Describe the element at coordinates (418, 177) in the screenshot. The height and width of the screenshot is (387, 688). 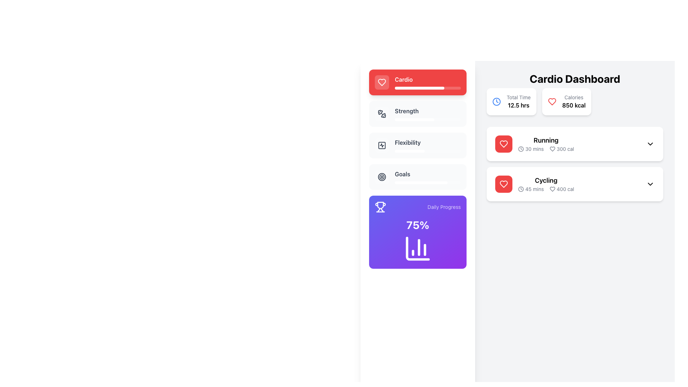
I see `the 'Goals' button in the left-hand side panel` at that location.